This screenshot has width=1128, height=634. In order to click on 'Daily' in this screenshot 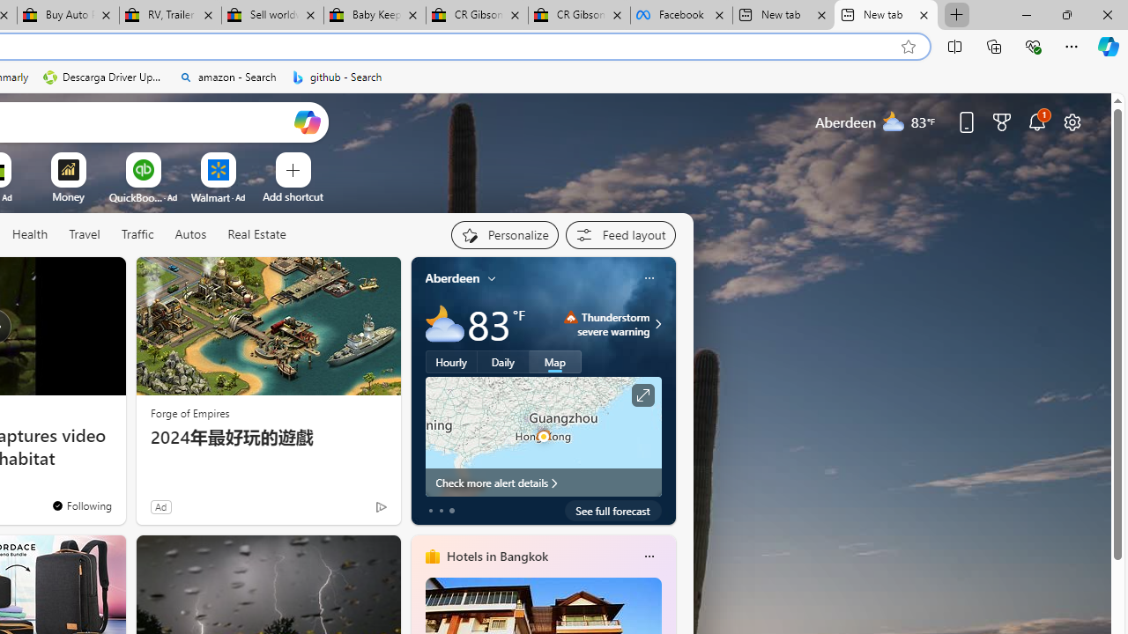, I will do `click(502, 361)`.